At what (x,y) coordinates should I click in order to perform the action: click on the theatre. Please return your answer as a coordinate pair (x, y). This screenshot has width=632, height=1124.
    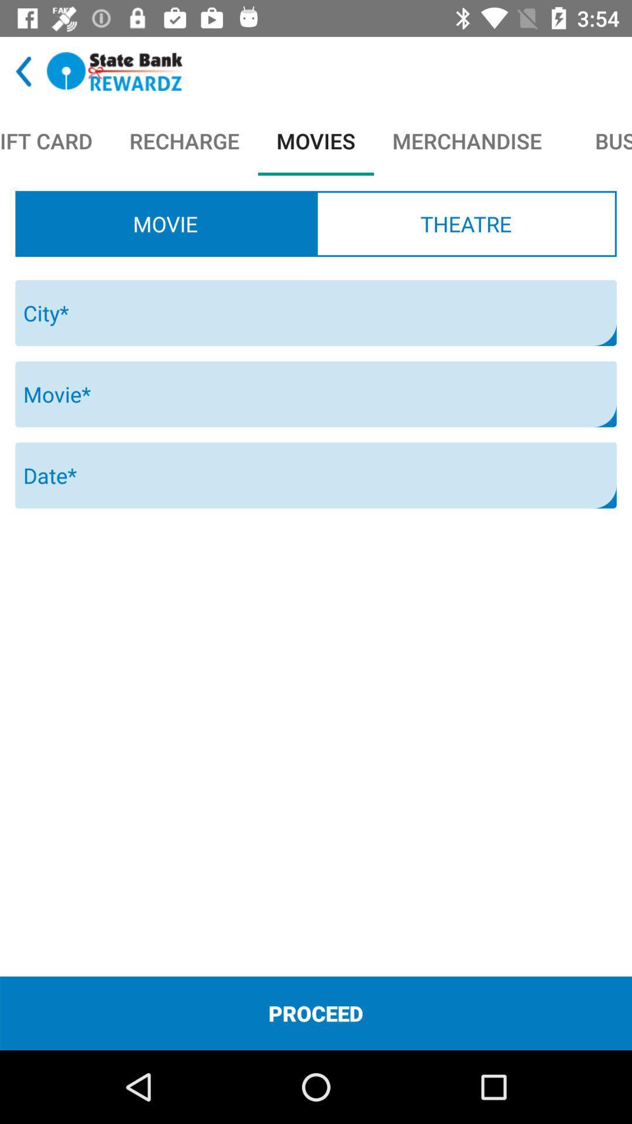
    Looking at the image, I should click on (465, 224).